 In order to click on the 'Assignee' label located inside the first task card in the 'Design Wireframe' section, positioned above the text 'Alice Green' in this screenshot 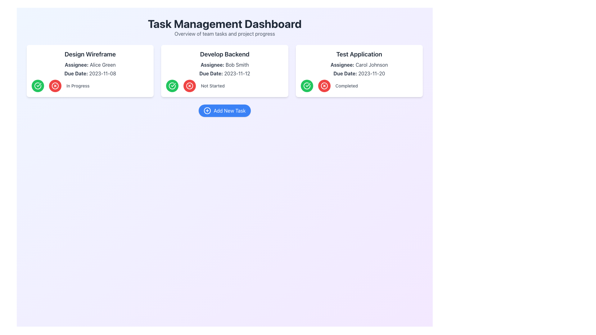, I will do `click(76, 65)`.